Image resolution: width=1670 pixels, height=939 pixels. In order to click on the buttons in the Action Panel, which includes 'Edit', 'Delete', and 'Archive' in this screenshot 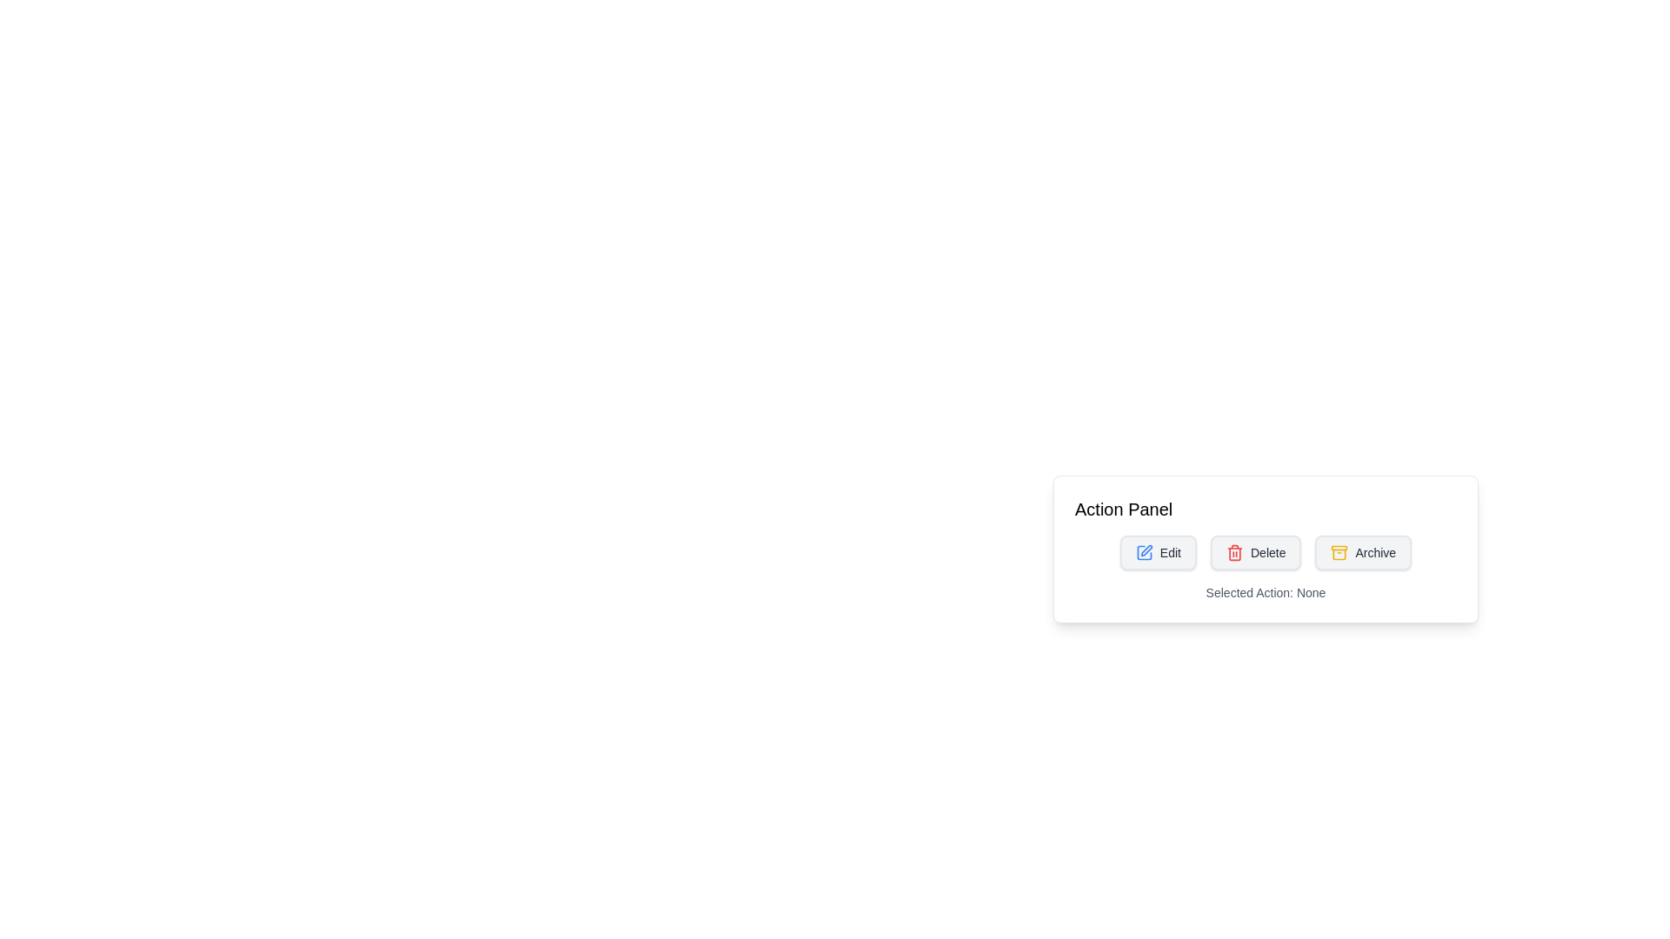, I will do `click(1266, 549)`.